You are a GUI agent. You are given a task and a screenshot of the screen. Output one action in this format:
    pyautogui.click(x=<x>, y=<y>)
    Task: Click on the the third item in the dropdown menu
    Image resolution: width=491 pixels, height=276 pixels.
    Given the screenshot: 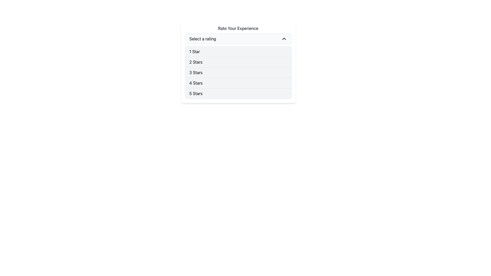 What is the action you would take?
    pyautogui.click(x=238, y=72)
    